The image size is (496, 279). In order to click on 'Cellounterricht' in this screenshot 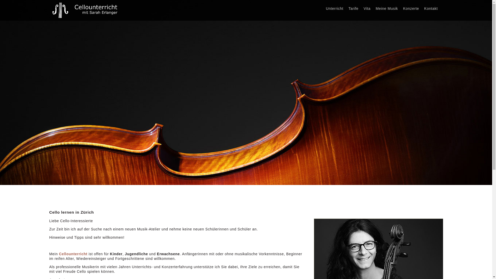, I will do `click(73, 254)`.